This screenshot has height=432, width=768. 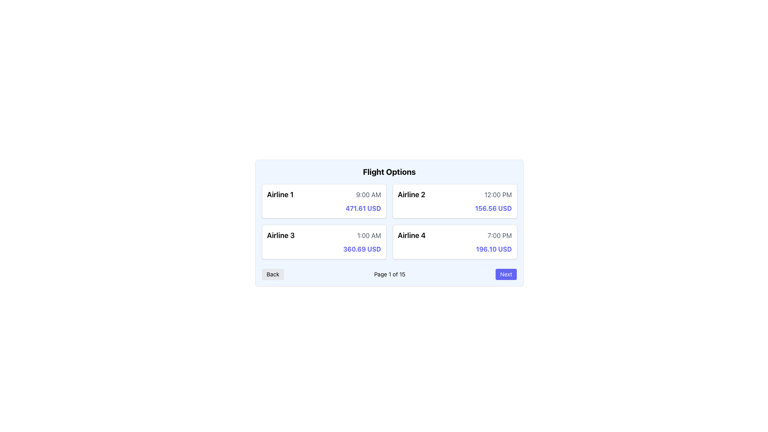 I want to click on the button located in the bottom-left corner of the horizontal button group beneath the flight options list to change its background color, so click(x=273, y=274).